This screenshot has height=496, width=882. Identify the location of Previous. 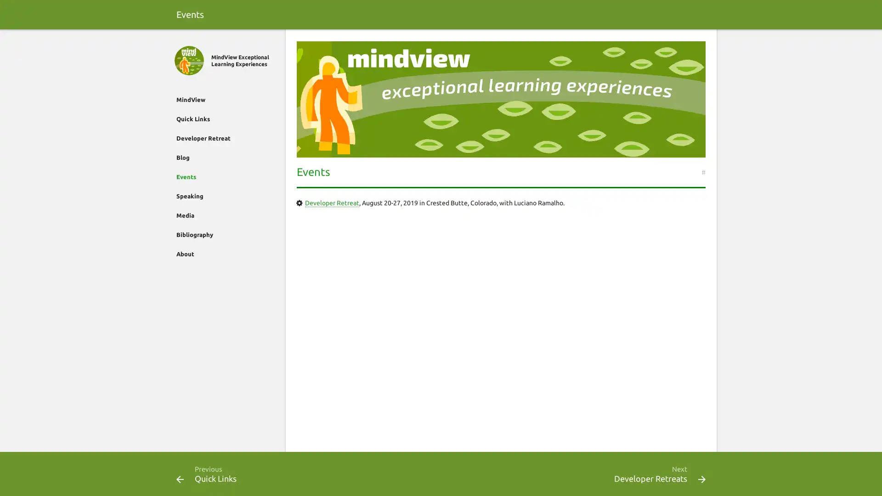
(180, 479).